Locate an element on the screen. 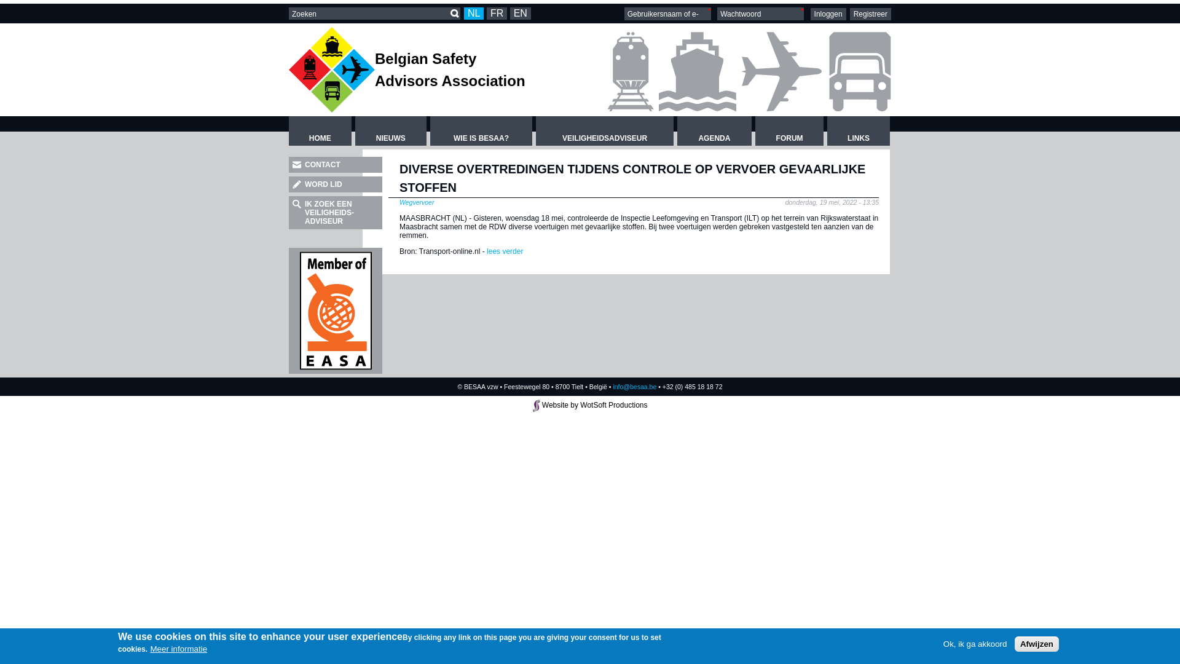  'Wegvervoer' is located at coordinates (416, 201).